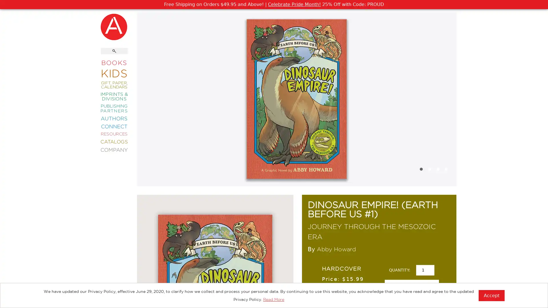 The height and width of the screenshot is (308, 548). Describe the element at coordinates (114, 149) in the screenshot. I see `COMPANY` at that location.